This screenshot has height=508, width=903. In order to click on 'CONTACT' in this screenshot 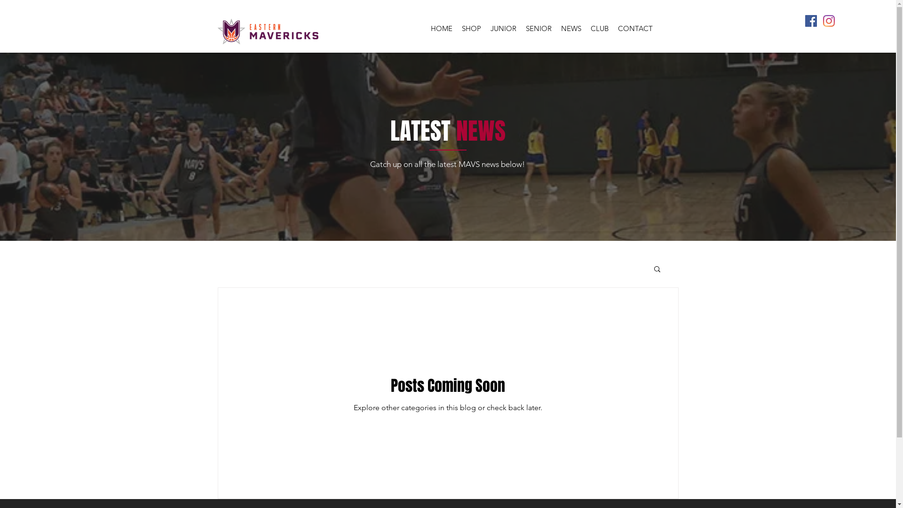, I will do `click(613, 28)`.